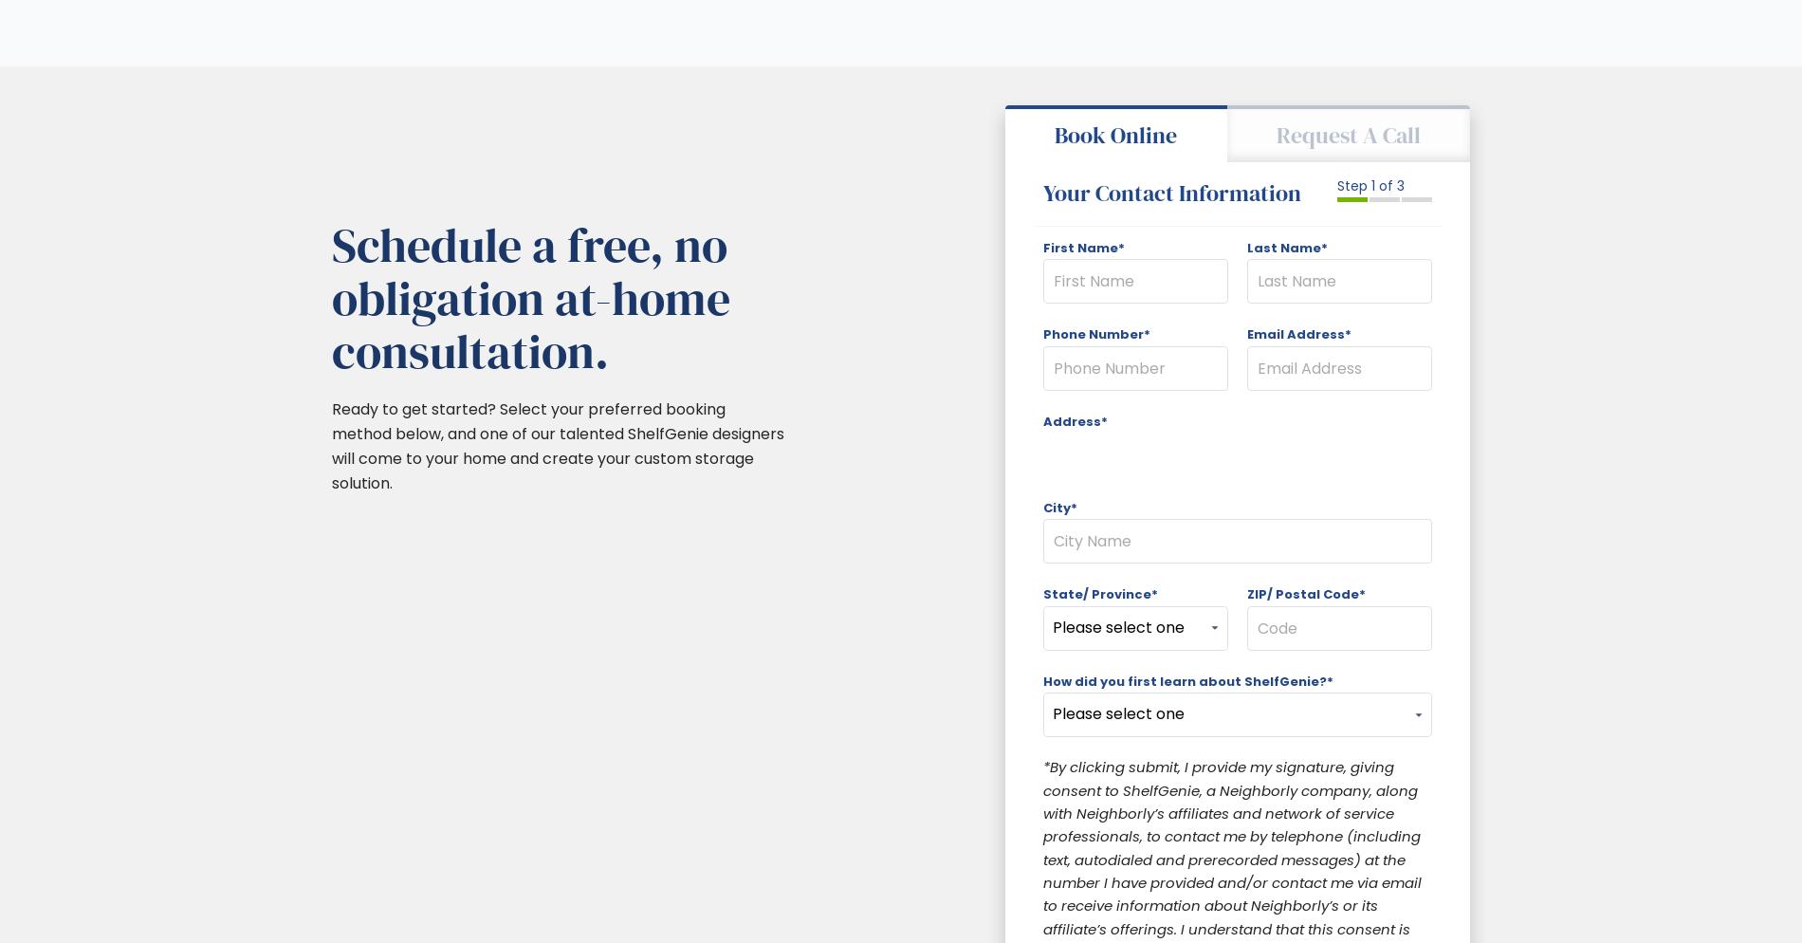 The width and height of the screenshot is (1802, 943). Describe the element at coordinates (1075, 420) in the screenshot. I see `'Address*'` at that location.